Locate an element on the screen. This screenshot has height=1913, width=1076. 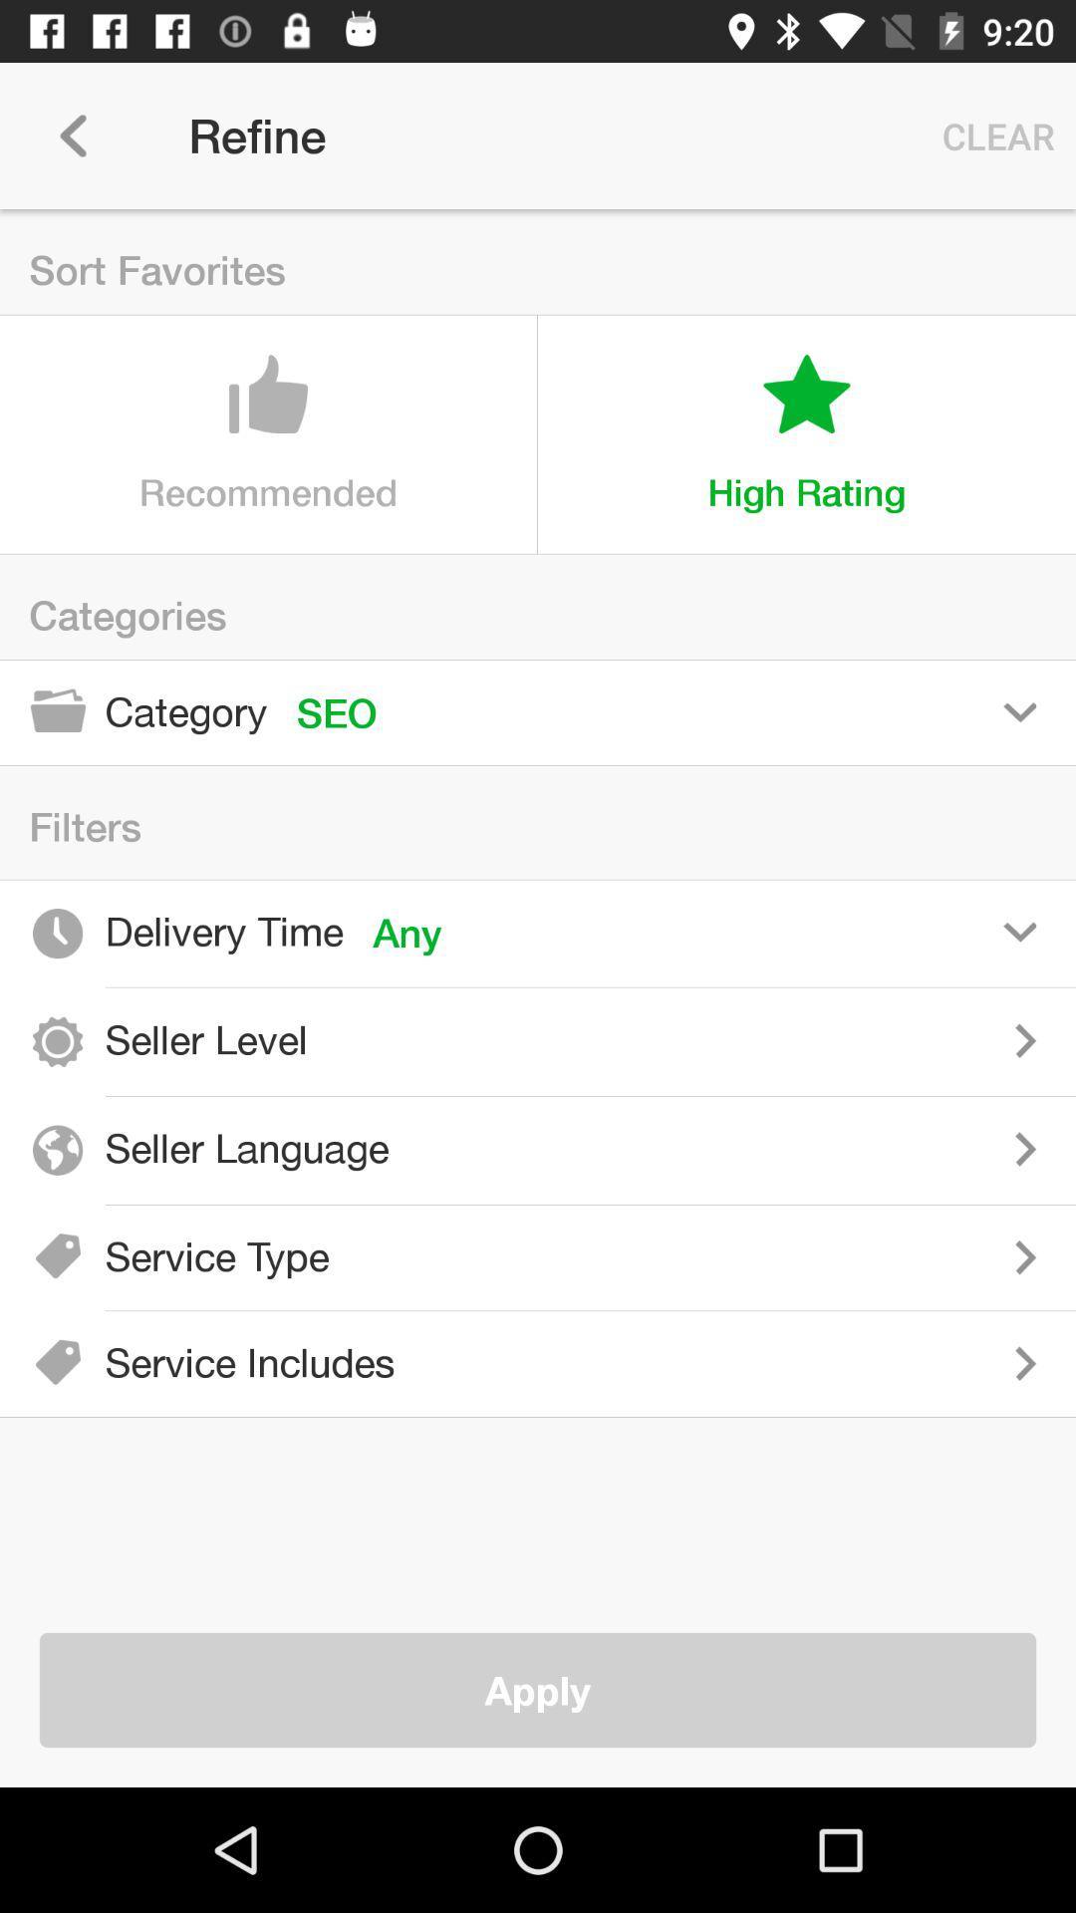
included in service is located at coordinates (749, 1362).